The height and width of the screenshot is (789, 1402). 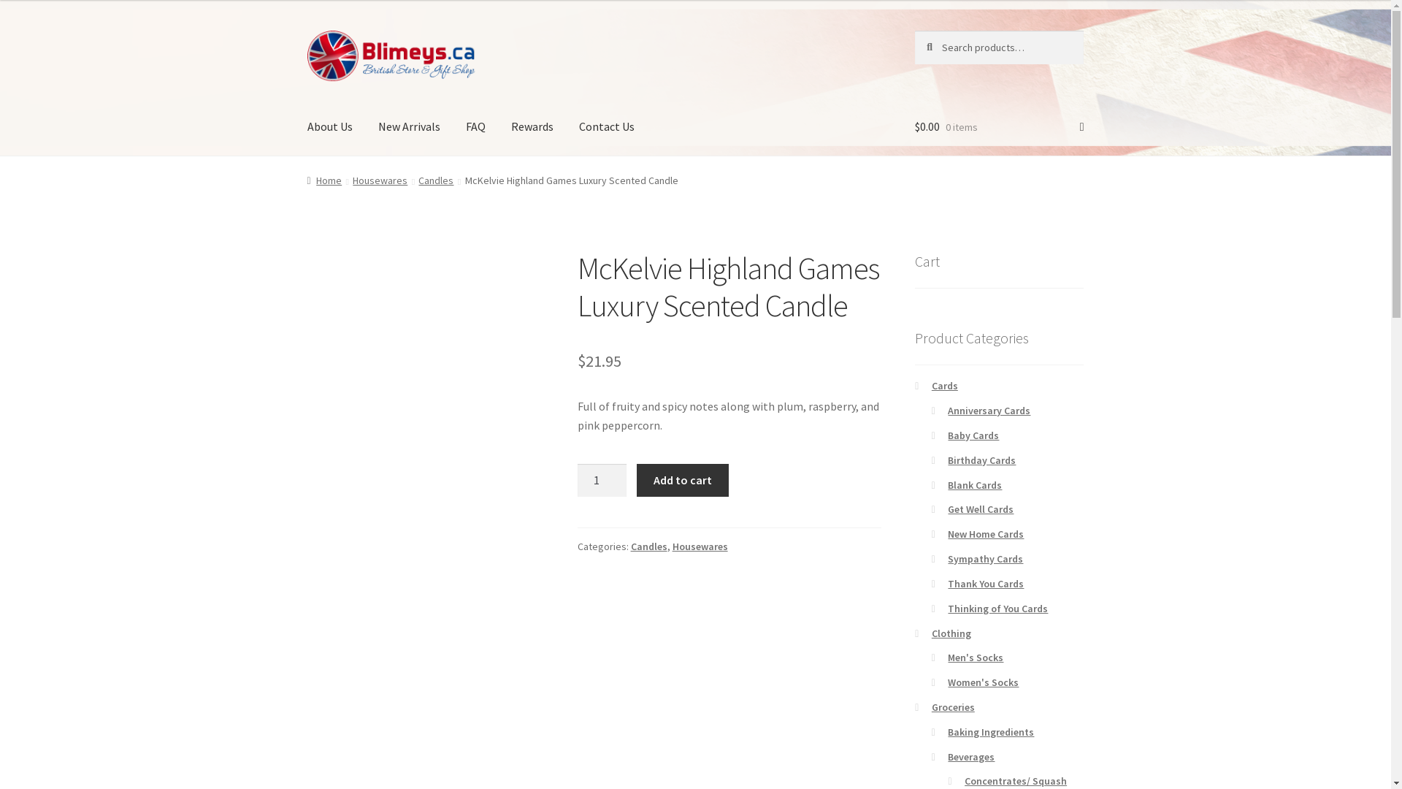 I want to click on 'Baking Ingredients', so click(x=991, y=732).